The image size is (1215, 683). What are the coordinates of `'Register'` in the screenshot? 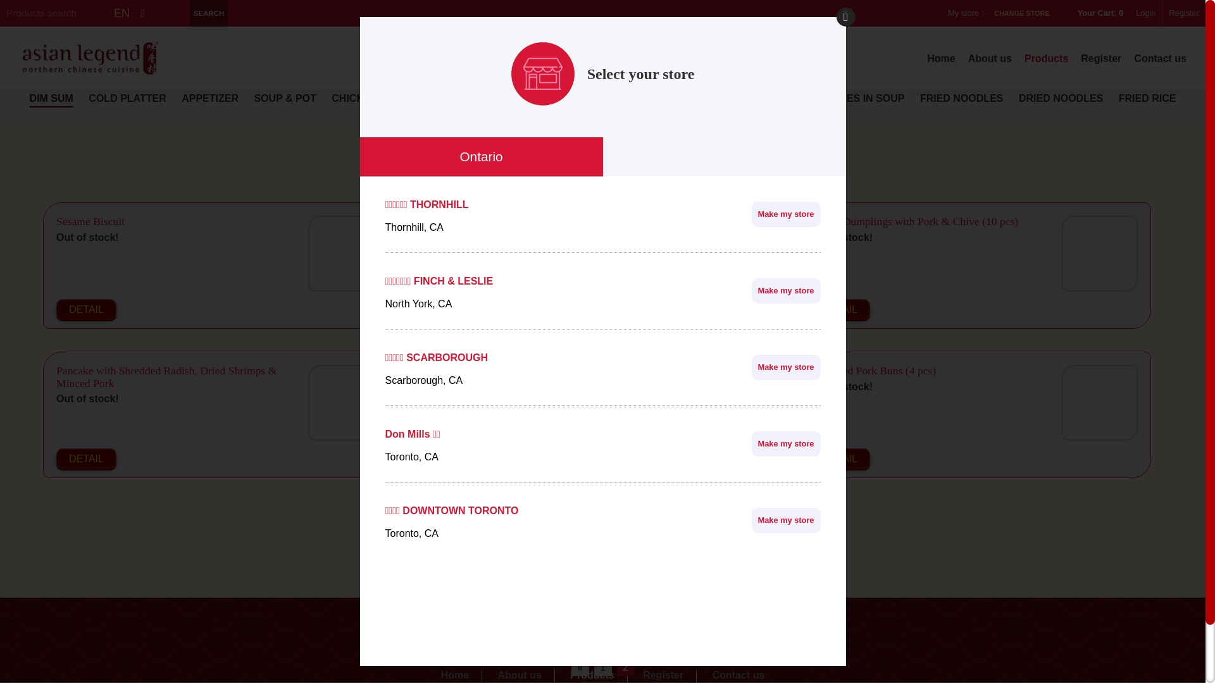 It's located at (663, 675).